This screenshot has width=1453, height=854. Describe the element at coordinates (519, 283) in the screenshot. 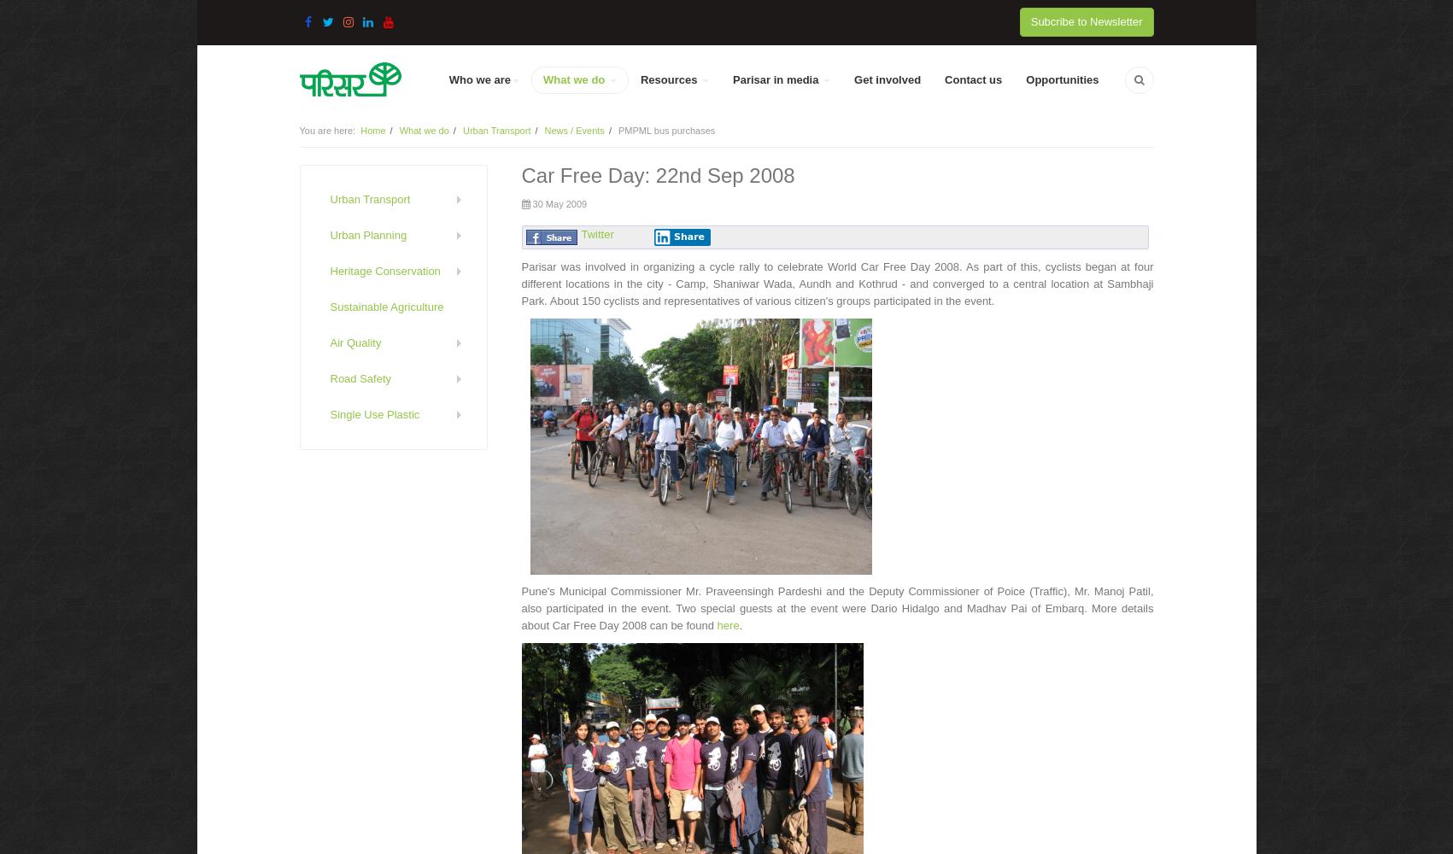

I see `'Parisar was involved in organizing a cycle rally to celebrate World Car Free Day 2008. As part of this, cyclists began at four different locations in the city - Camp, Shaniwar Wada, Aundh and Kothrud - and converged to a central location at Sambhaji Park. About 150 cyclists and representatives of various citizen's groups participated in the event.'` at that location.